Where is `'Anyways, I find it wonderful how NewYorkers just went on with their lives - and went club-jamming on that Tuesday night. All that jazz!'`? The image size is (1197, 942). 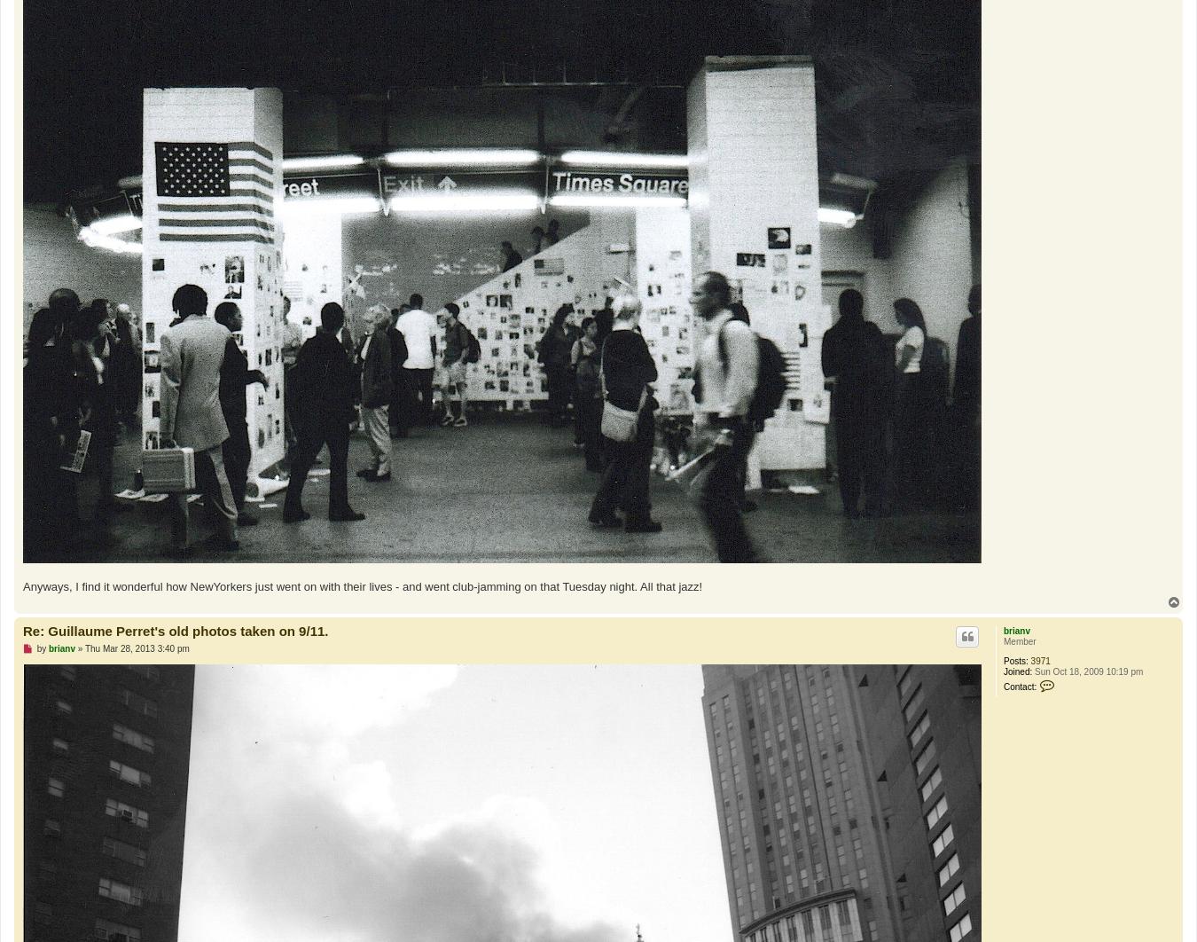
'Anyways, I find it wonderful how NewYorkers just went on with their lives - and went club-jamming on that Tuesday night. All that jazz!' is located at coordinates (363, 585).